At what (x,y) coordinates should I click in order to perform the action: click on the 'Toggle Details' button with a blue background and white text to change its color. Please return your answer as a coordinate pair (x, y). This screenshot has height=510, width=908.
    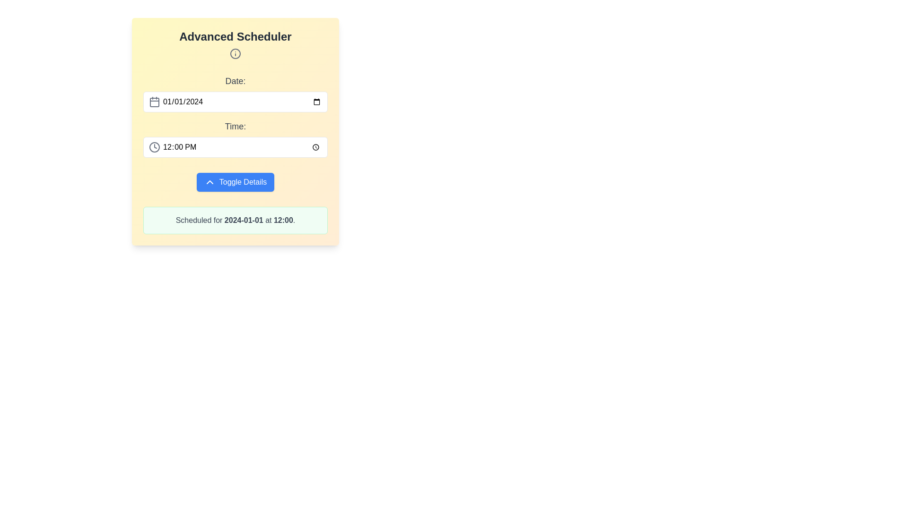
    Looking at the image, I should click on (236, 182).